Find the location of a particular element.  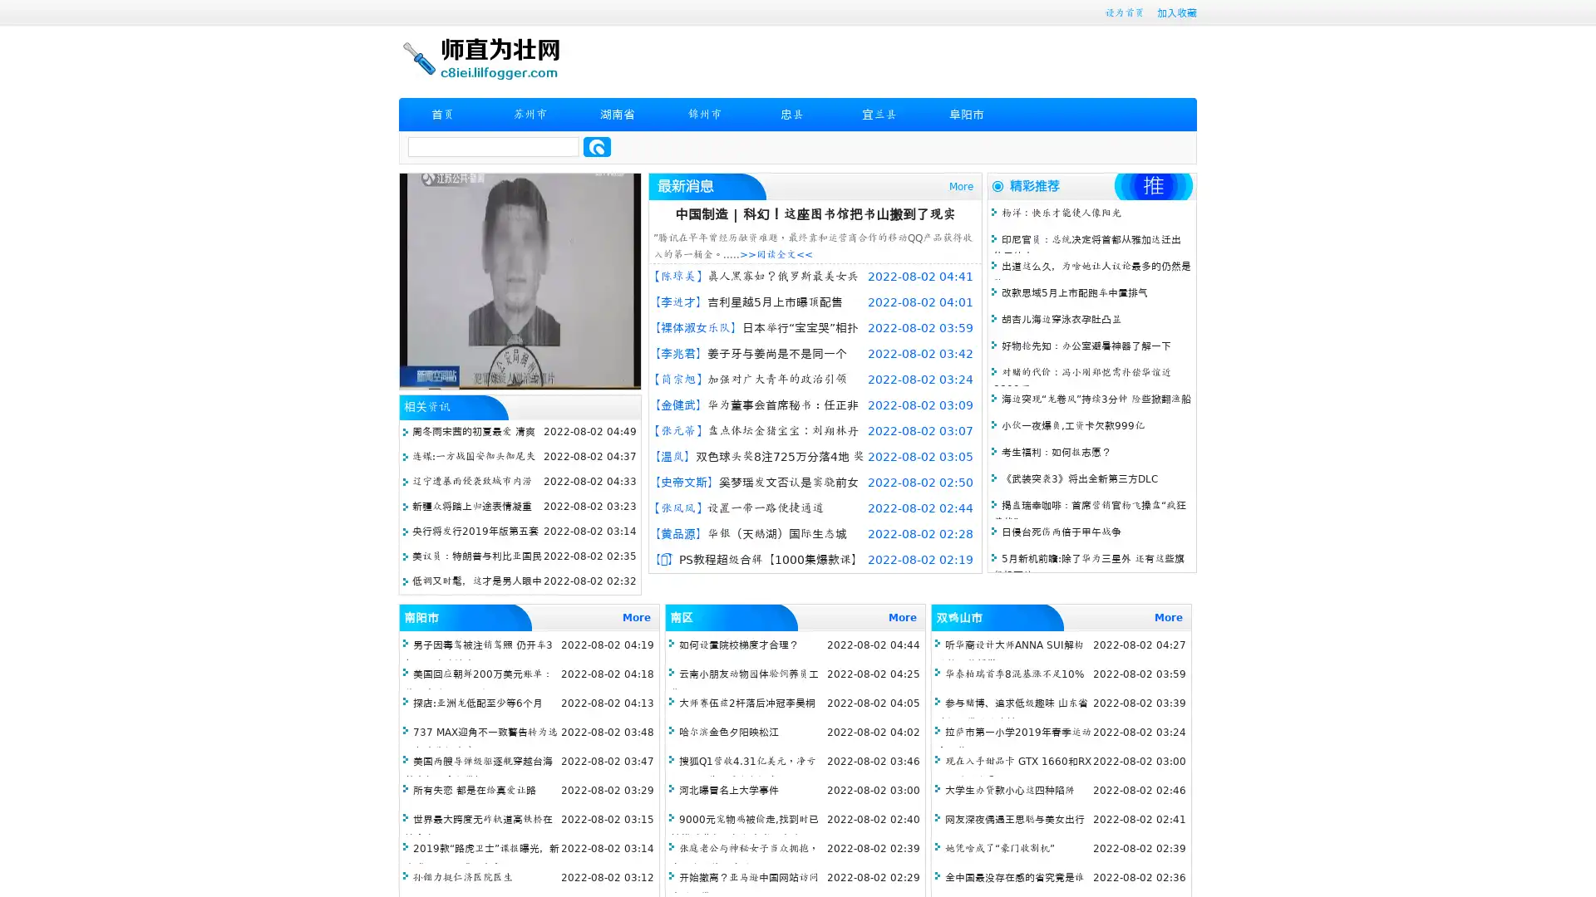

Search is located at coordinates (597, 146).